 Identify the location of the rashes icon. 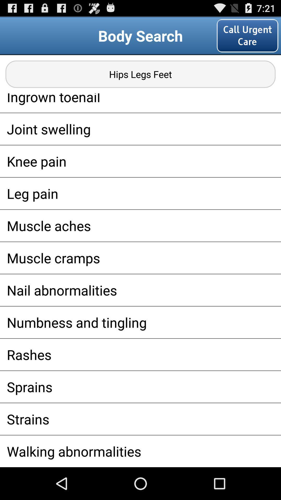
(140, 354).